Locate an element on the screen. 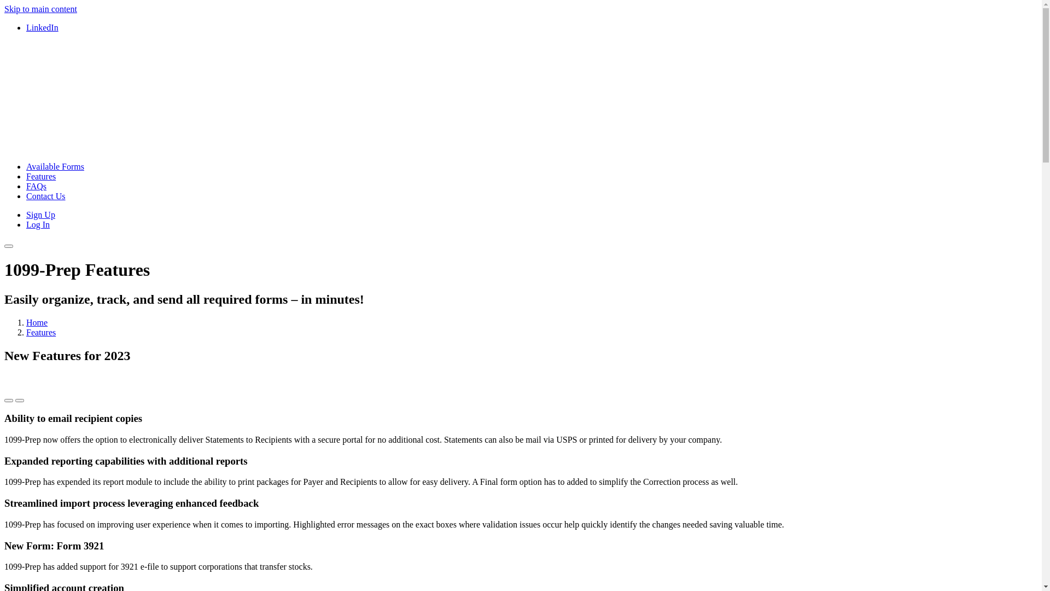 This screenshot has width=1050, height=591. 'LinkedIn' is located at coordinates (42, 27).